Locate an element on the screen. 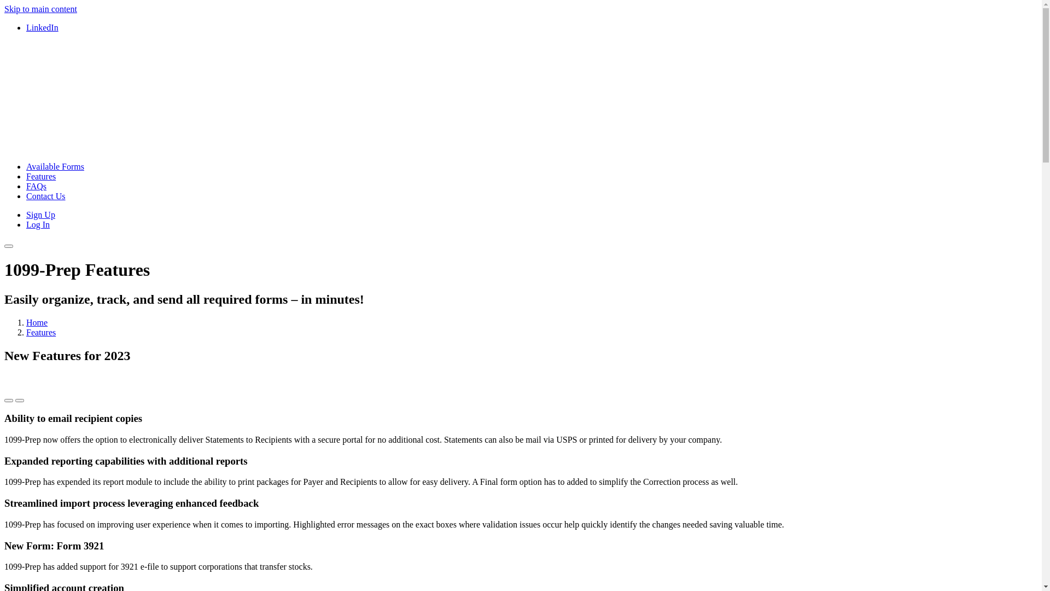 This screenshot has width=1050, height=591. 'LinkedIn' is located at coordinates (42, 27).